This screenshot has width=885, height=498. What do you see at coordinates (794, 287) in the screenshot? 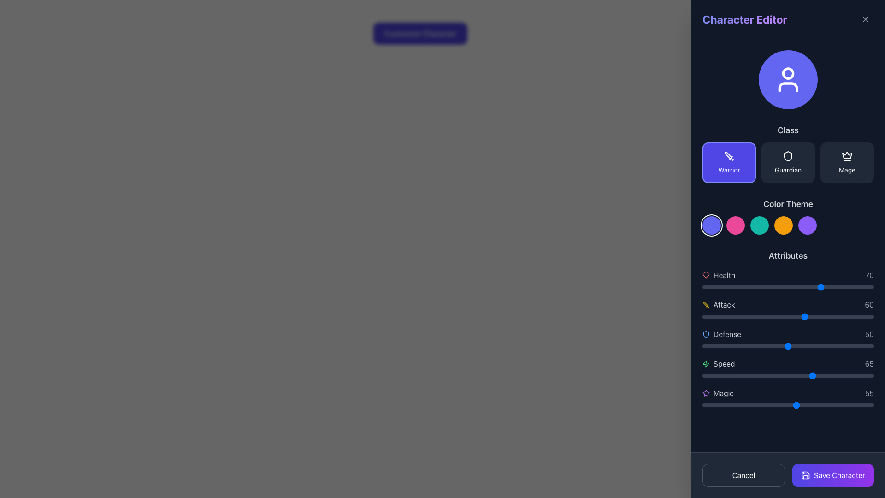
I see `health level` at bounding box center [794, 287].